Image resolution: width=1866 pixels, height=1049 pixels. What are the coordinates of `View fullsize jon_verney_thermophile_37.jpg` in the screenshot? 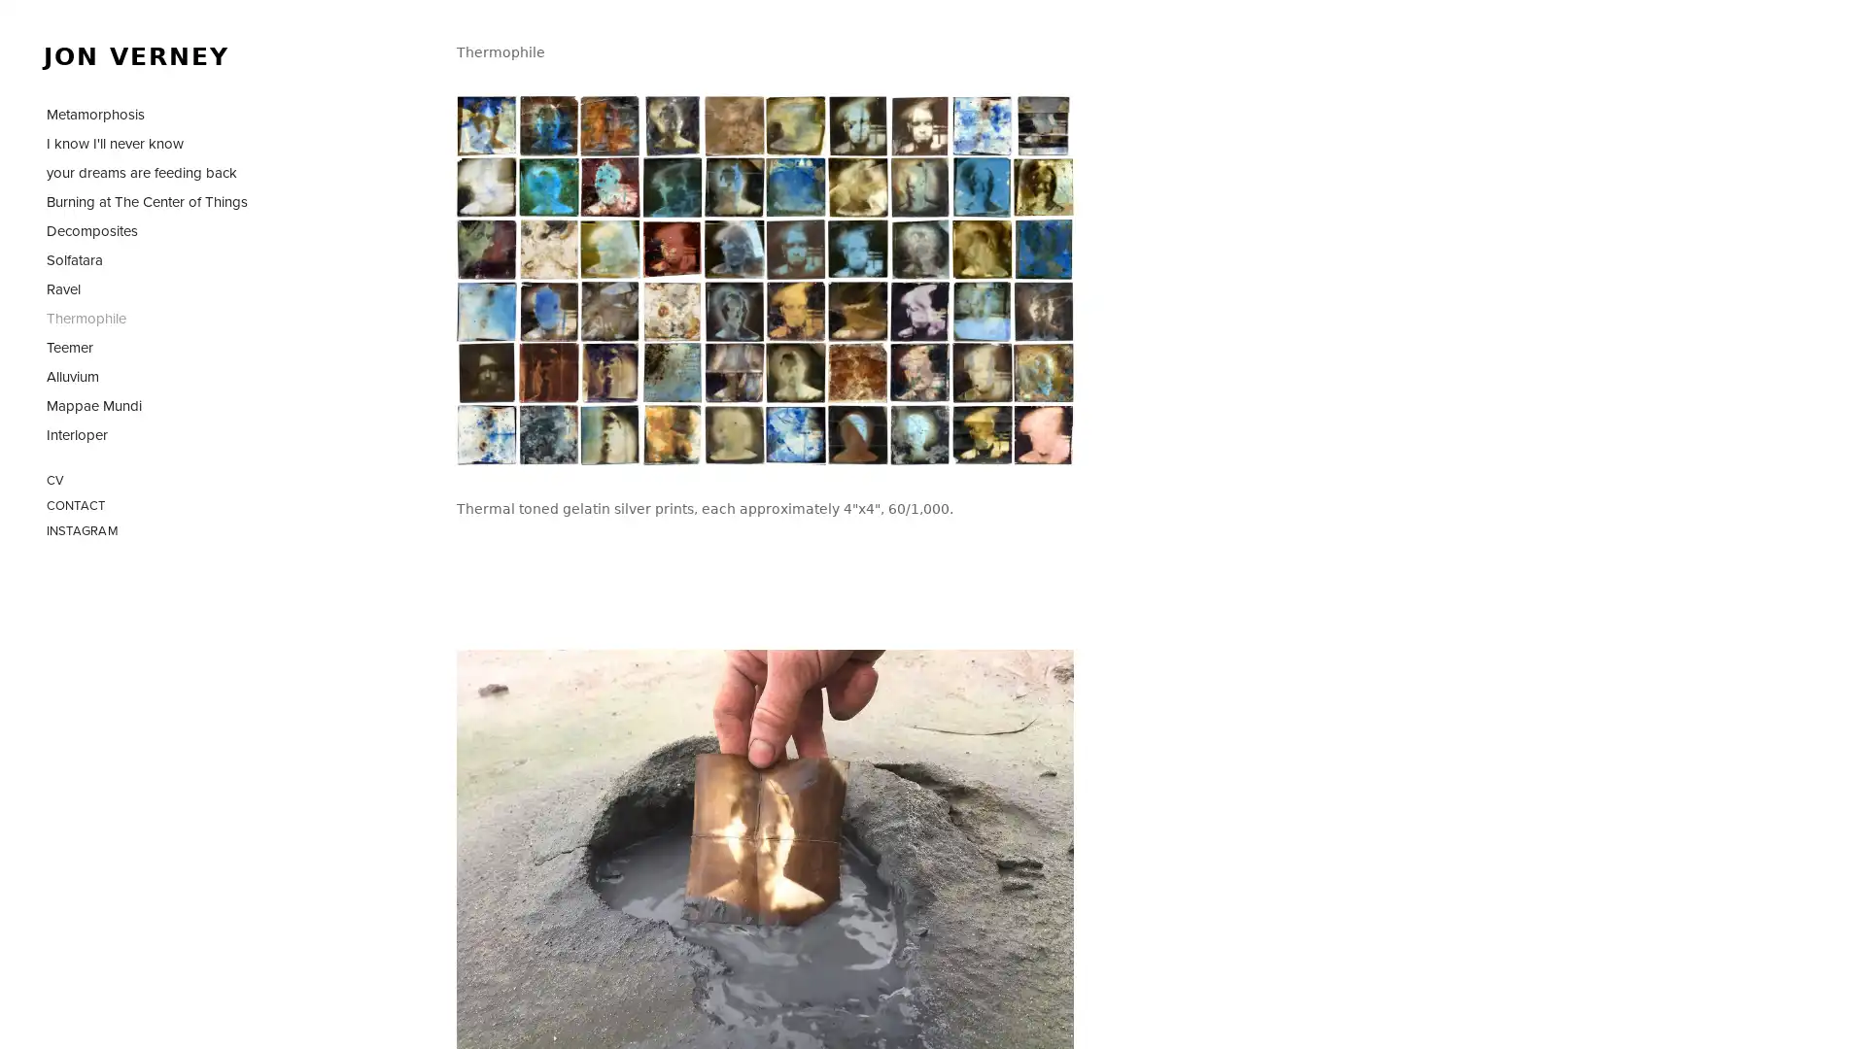 It's located at (1042, 124).